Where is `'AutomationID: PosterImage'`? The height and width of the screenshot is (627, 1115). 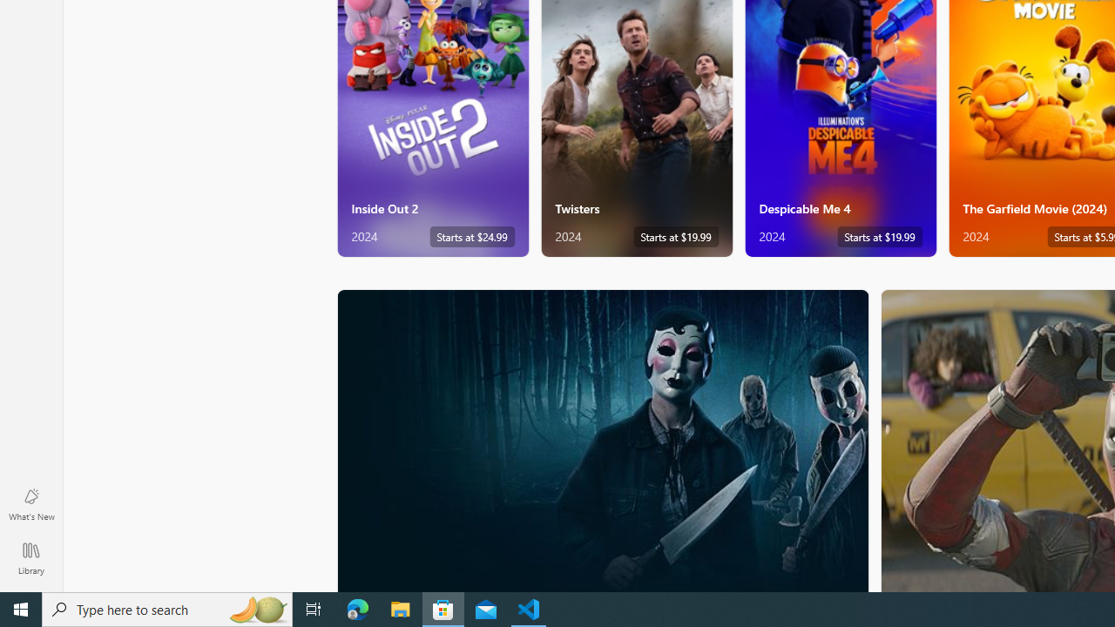
'AutomationID: PosterImage' is located at coordinates (602, 440).